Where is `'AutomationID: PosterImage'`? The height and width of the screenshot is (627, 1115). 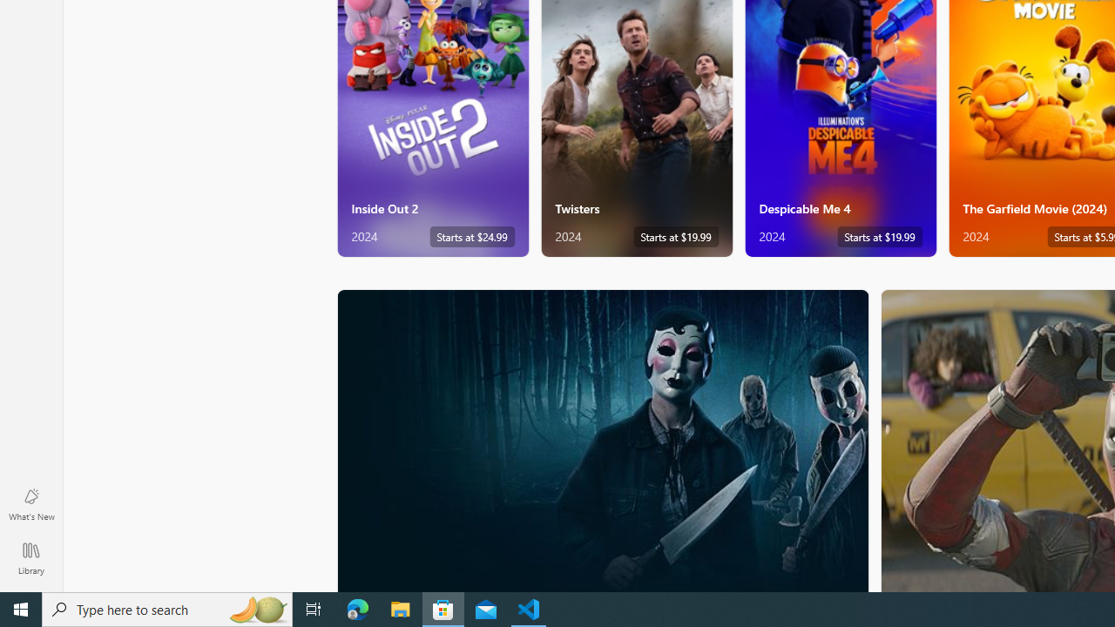
'AutomationID: PosterImage' is located at coordinates (602, 440).